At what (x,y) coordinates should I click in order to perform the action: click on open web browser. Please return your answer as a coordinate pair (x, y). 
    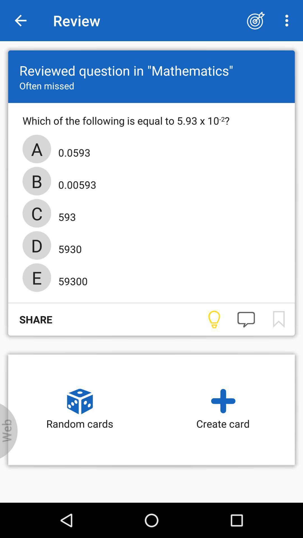
    Looking at the image, I should click on (9, 431).